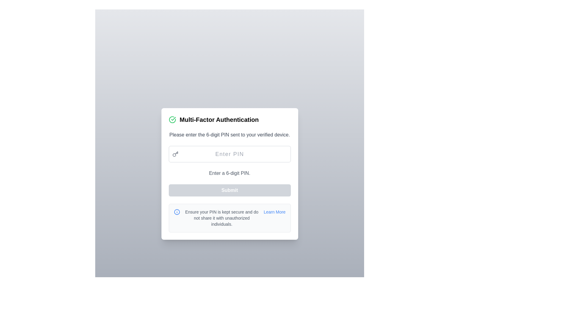  Describe the element at coordinates (221, 218) in the screenshot. I see `warning message text content from the Text Block located centrally below the Submit button, flanked by an information icon on the left and a 'Learn More' link on the right` at that location.